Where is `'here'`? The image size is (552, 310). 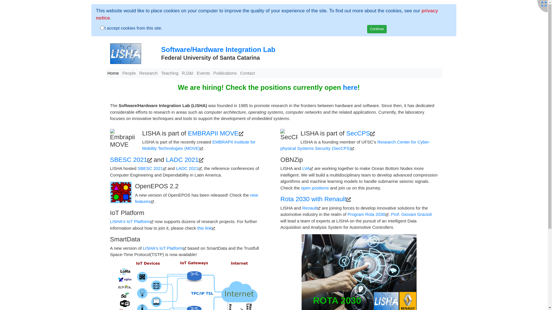 'here' is located at coordinates (350, 87).